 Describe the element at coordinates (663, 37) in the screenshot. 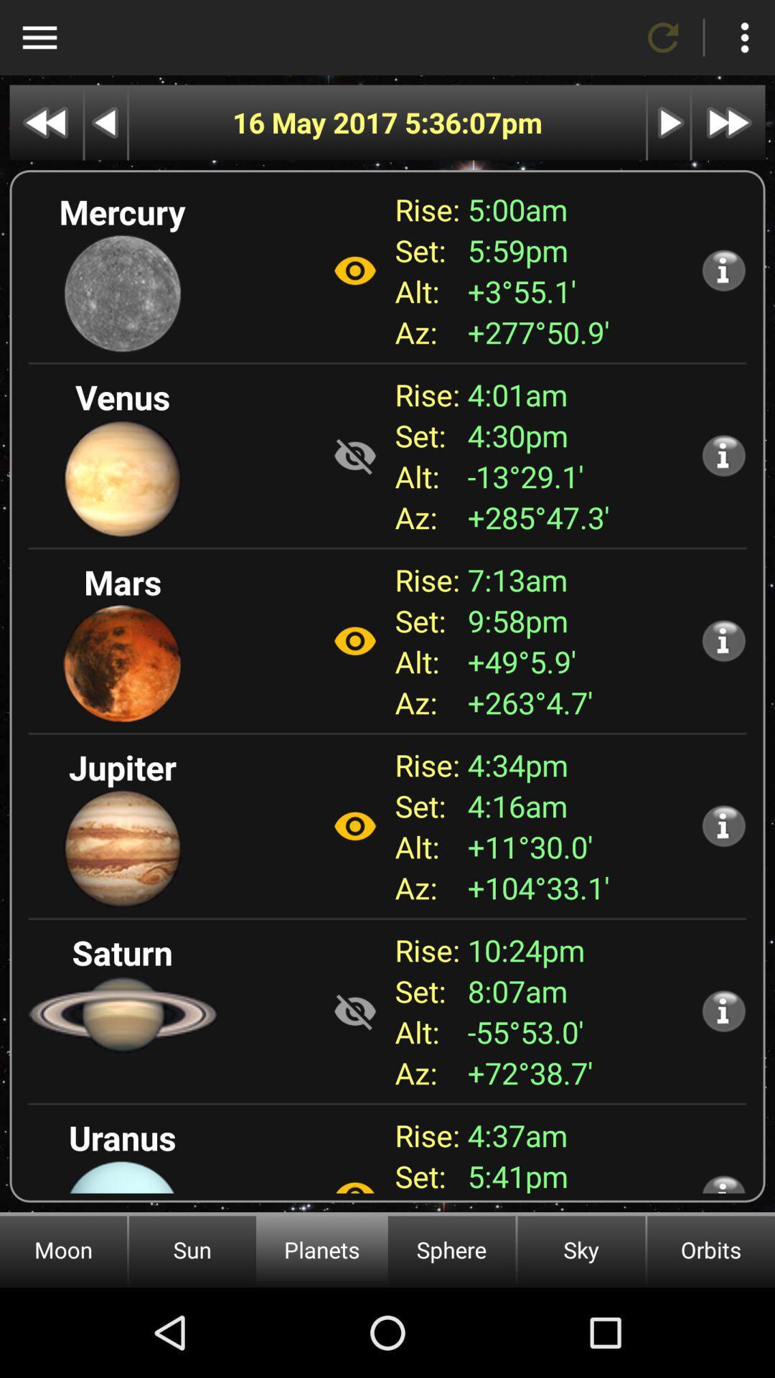

I see `refresh app` at that location.